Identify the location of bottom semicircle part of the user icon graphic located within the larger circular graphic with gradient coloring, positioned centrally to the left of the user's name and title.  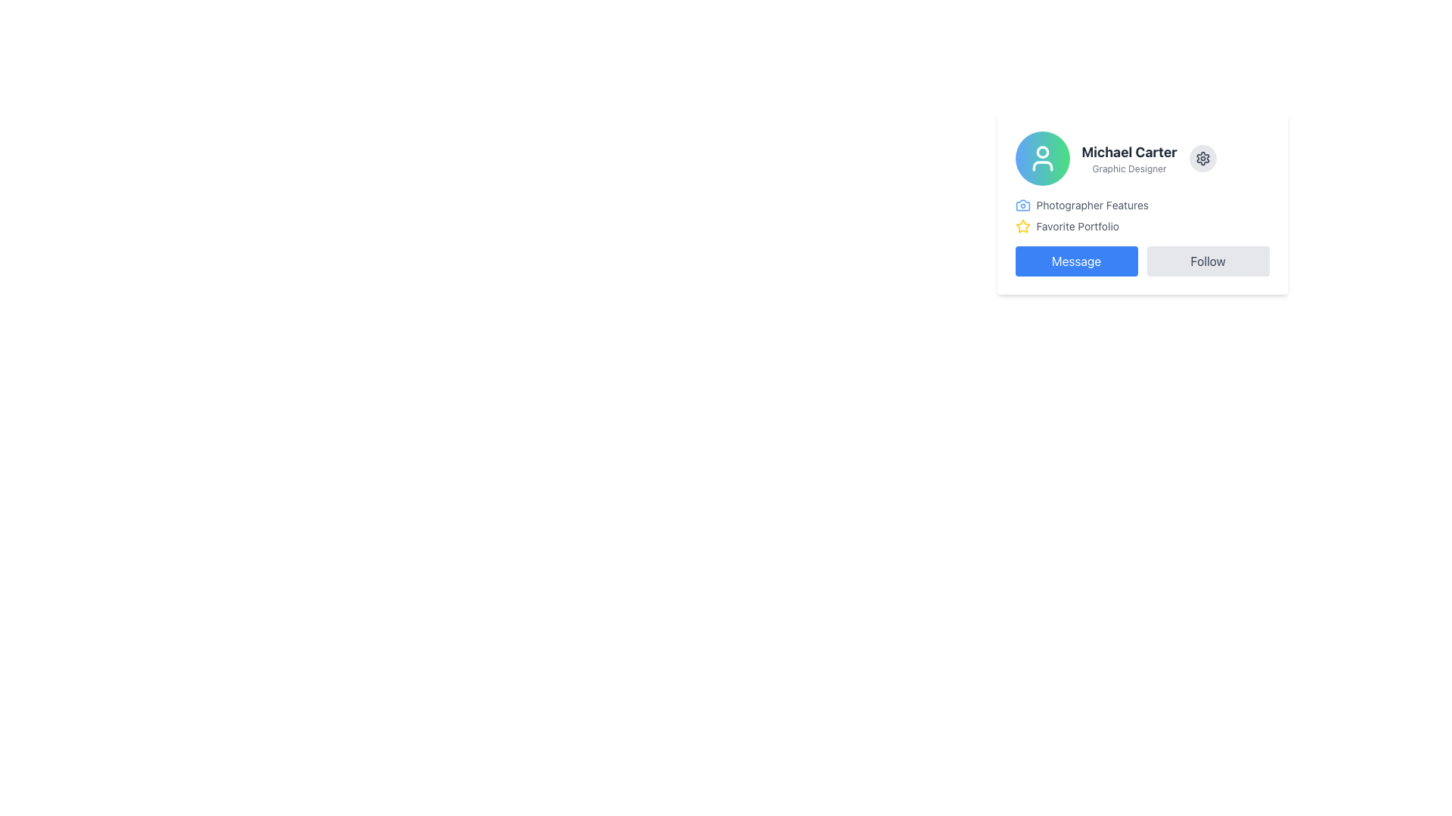
(1041, 165).